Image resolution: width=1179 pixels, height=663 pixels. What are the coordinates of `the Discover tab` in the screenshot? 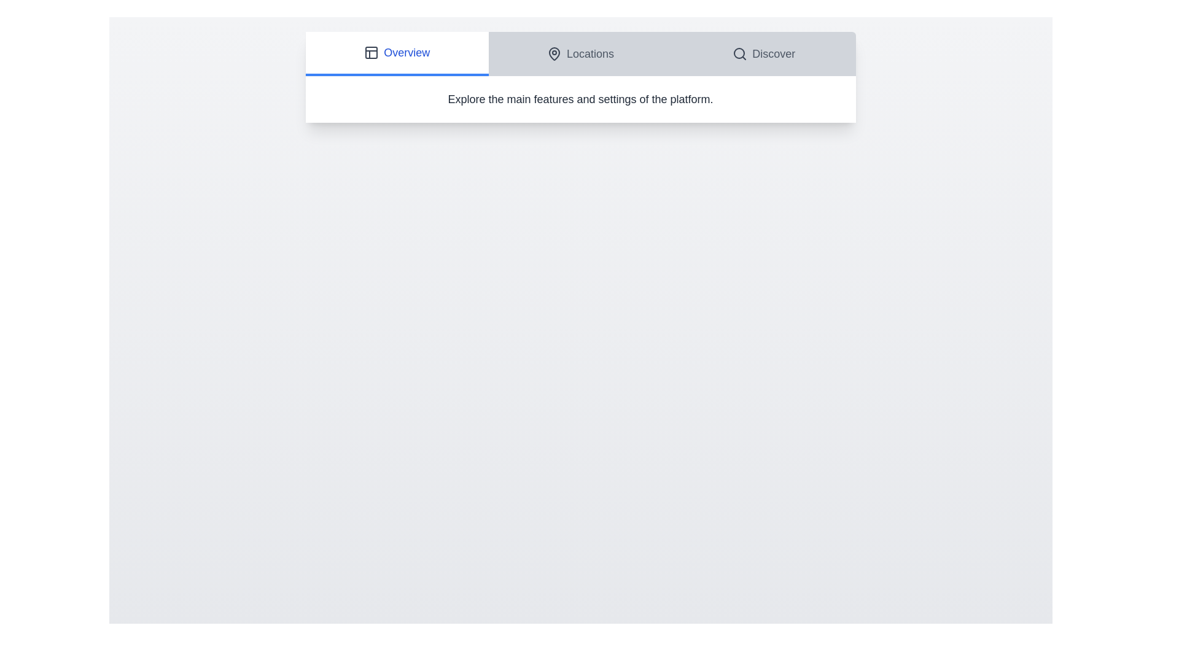 It's located at (763, 53).